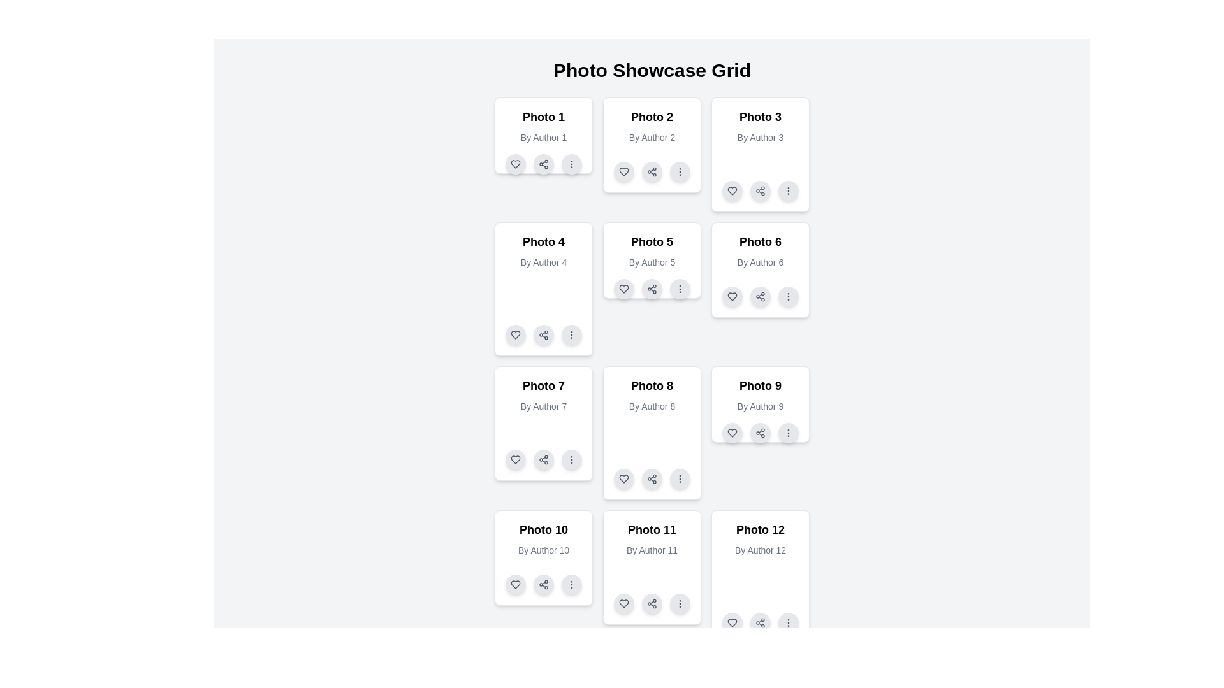 The image size is (1224, 688). I want to click on the vertical ellipsis icon located at the bottom-right corner of the 'Photo 2 By Author 2' card, so click(679, 172).